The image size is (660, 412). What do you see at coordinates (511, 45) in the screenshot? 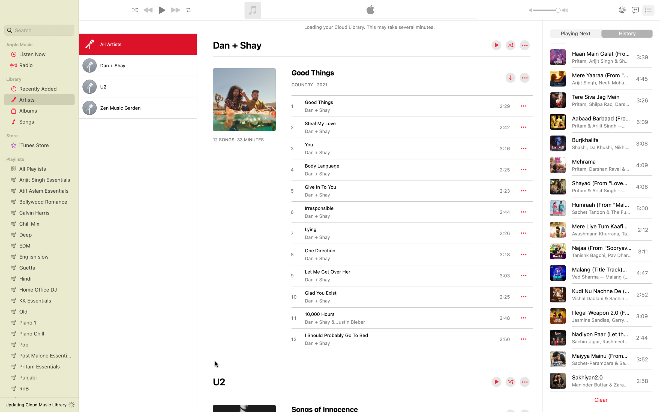
I see `Shuffle the playlist of Dan + Shay by clicking on the red button` at bounding box center [511, 45].